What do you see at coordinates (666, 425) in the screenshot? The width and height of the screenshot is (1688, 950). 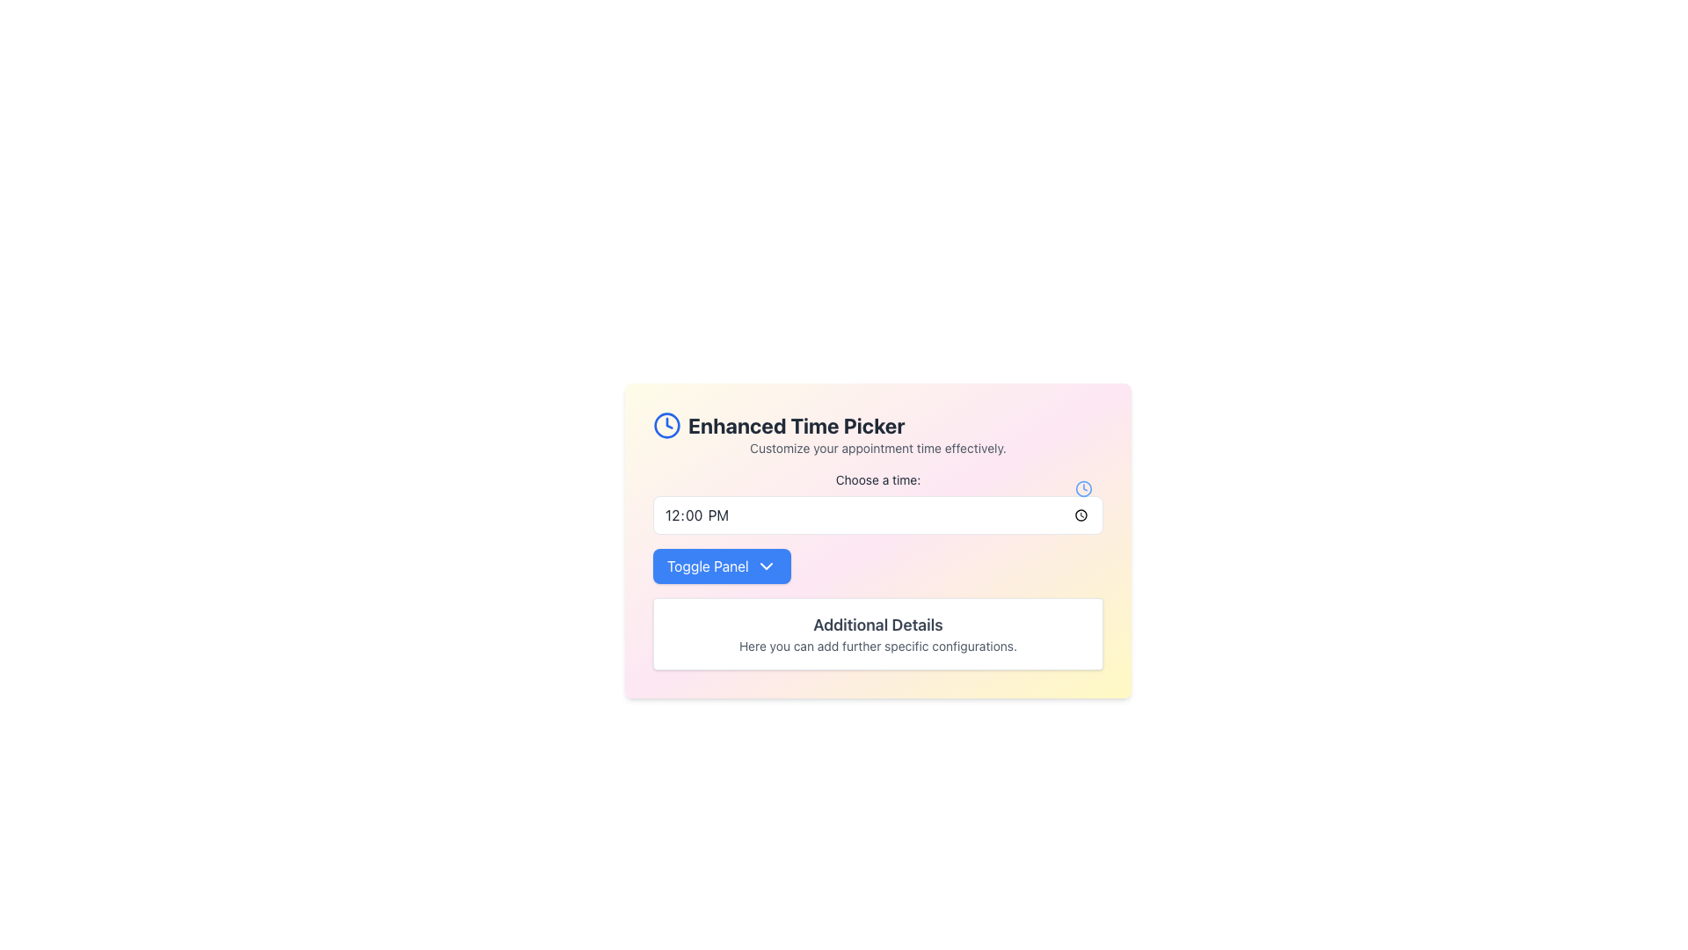 I see `the clock icon located on the left side of the 'Enhanced Time Picker' heading` at bounding box center [666, 425].